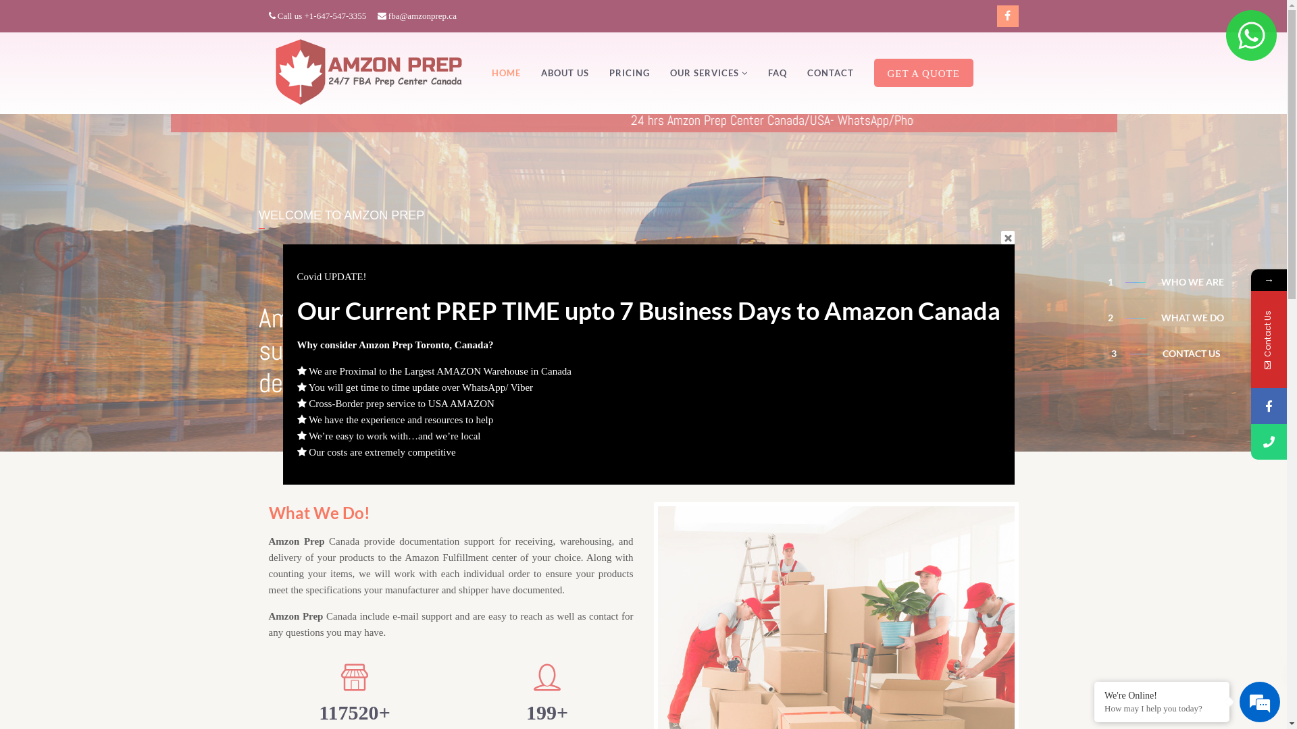 This screenshot has height=729, width=1297. Describe the element at coordinates (628, 73) in the screenshot. I see `'PRICING'` at that location.